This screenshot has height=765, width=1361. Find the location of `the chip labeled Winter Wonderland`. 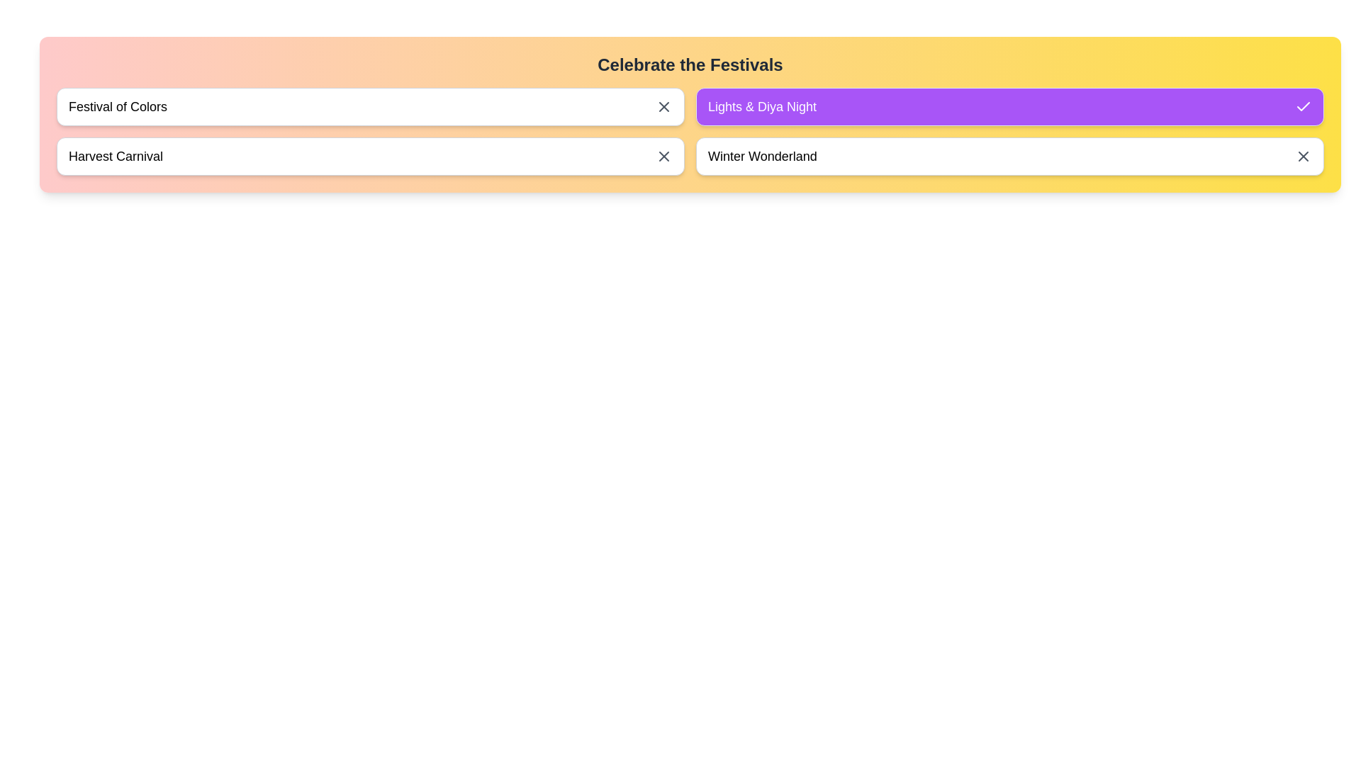

the chip labeled Winter Wonderland is located at coordinates (1009, 156).